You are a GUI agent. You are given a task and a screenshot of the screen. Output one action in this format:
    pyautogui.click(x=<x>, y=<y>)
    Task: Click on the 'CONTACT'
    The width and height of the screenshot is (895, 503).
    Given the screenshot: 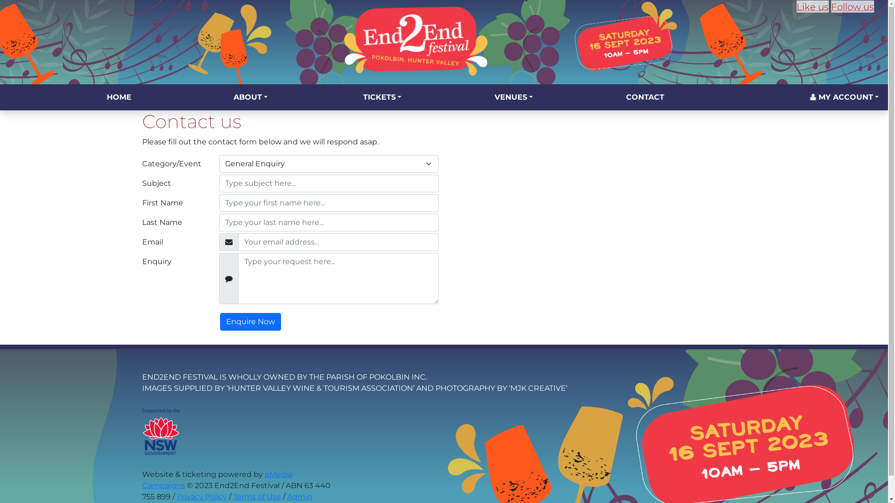 What is the action you would take?
    pyautogui.click(x=644, y=97)
    